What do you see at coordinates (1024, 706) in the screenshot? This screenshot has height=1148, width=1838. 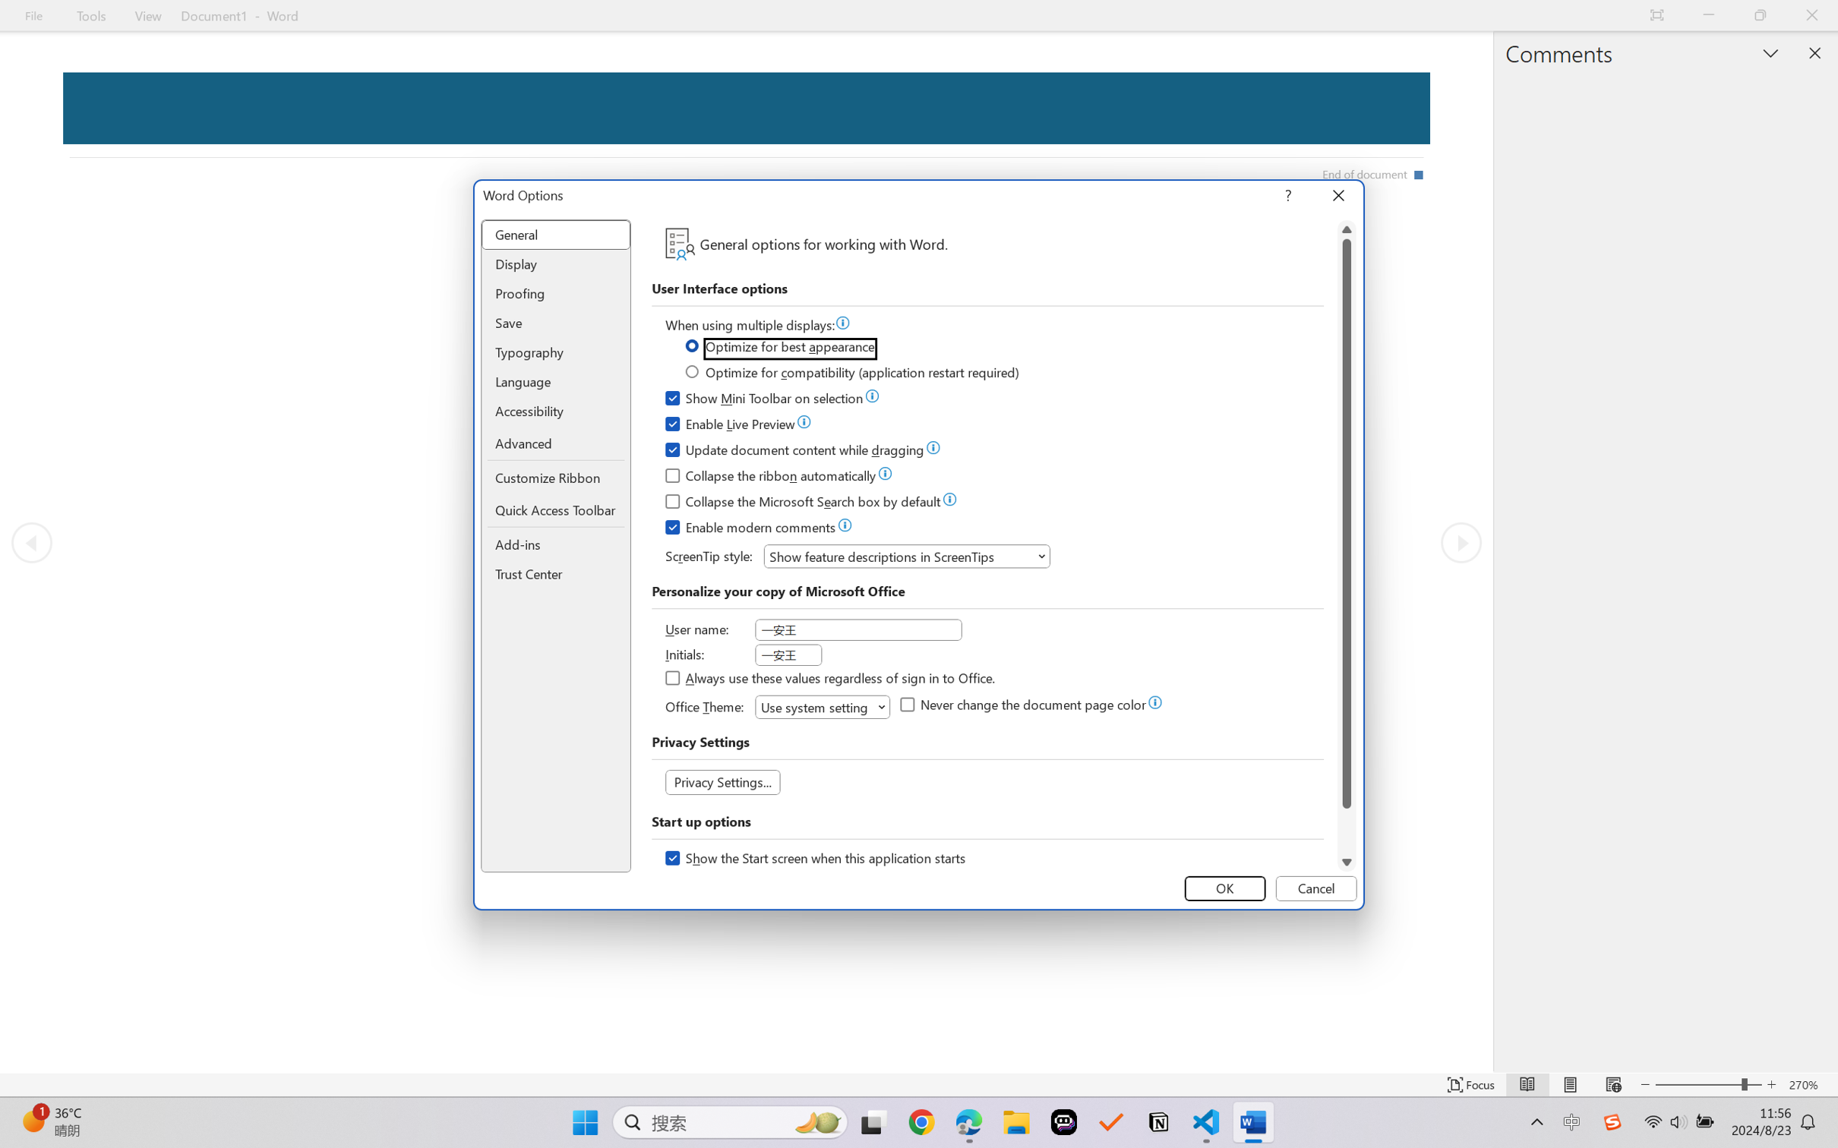 I see `'Never change the document page color'` at bounding box center [1024, 706].